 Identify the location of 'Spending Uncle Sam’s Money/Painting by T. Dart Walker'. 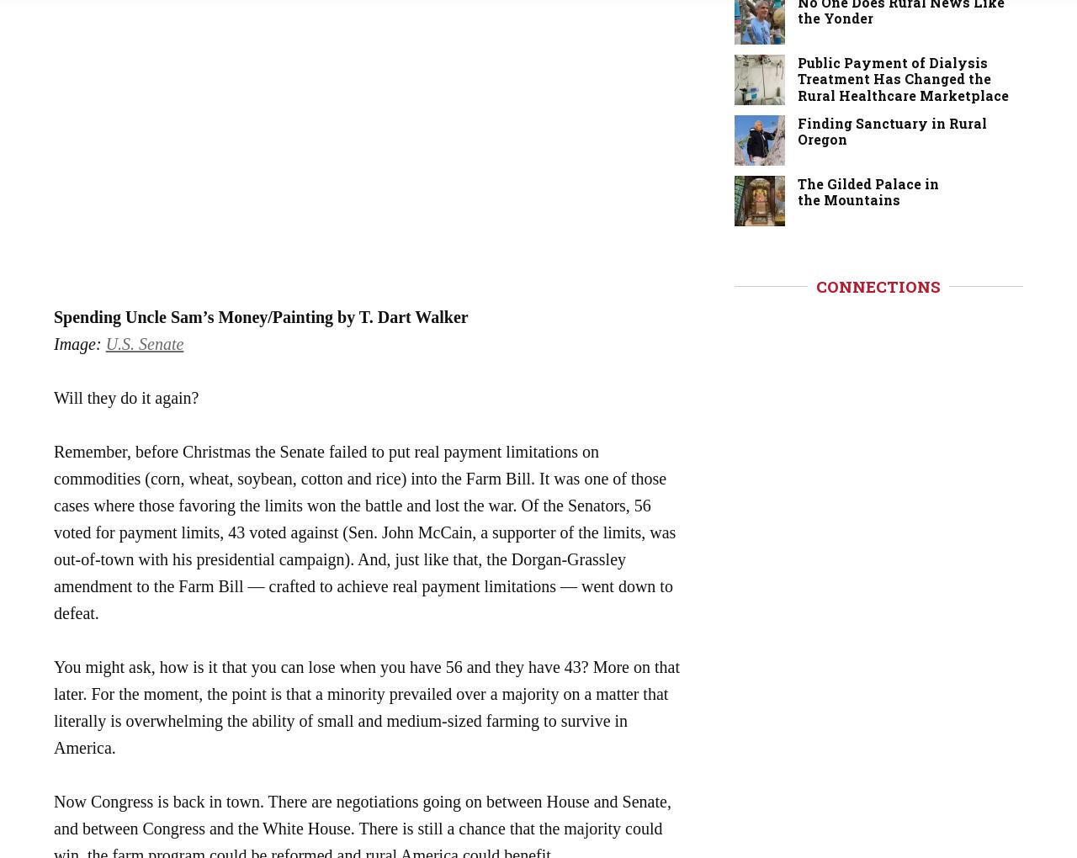
(260, 315).